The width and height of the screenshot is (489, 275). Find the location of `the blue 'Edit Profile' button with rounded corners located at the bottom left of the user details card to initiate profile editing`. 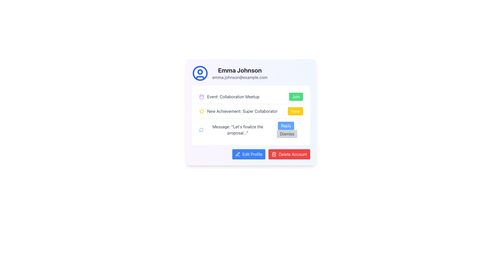

the blue 'Edit Profile' button with rounded corners located at the bottom left of the user details card to initiate profile editing is located at coordinates (249, 154).